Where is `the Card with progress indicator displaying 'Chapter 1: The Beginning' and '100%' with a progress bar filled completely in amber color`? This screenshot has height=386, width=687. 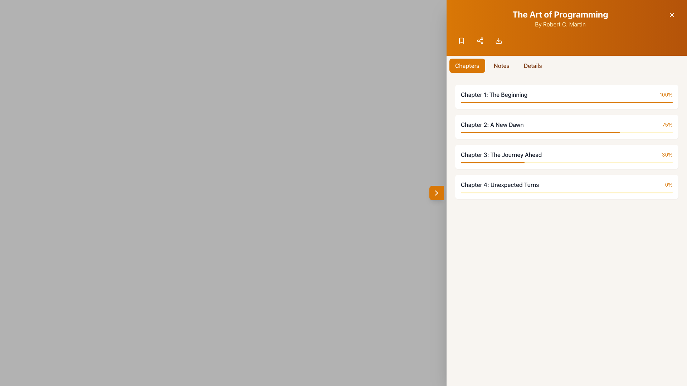 the Card with progress indicator displaying 'Chapter 1: The Beginning' and '100%' with a progress bar filled completely in amber color is located at coordinates (566, 96).